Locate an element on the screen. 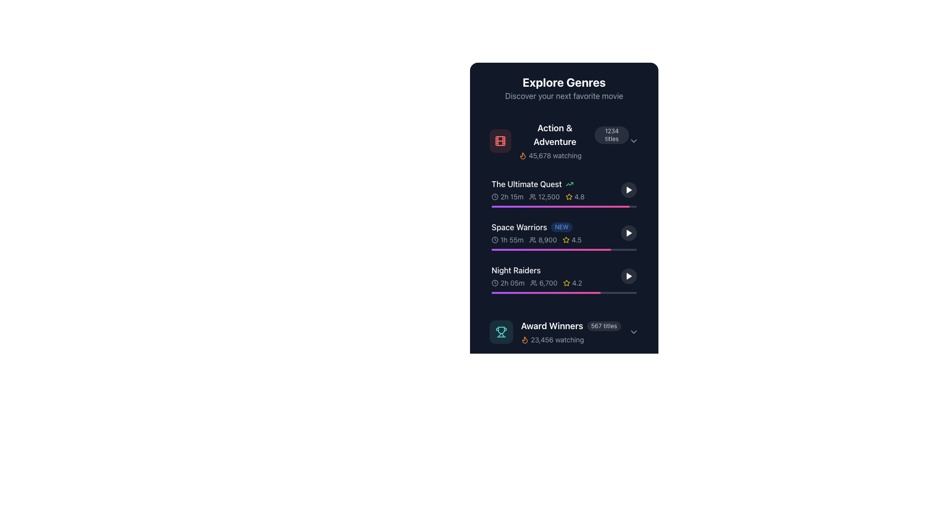 The image size is (942, 529). the 'Action & Adventure' genre button, which includes a red film reel icon on the left, bold white title text, and a gray badge with '1234 titles' on the right is located at coordinates (564, 141).